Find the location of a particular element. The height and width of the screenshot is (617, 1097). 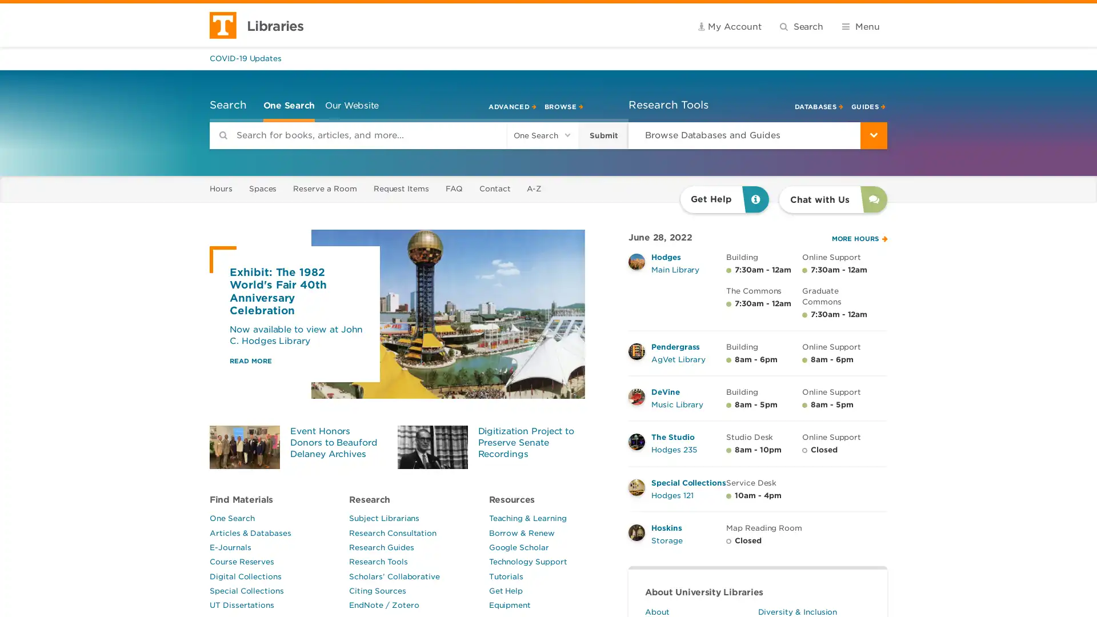

Submit is located at coordinates (559, 134).